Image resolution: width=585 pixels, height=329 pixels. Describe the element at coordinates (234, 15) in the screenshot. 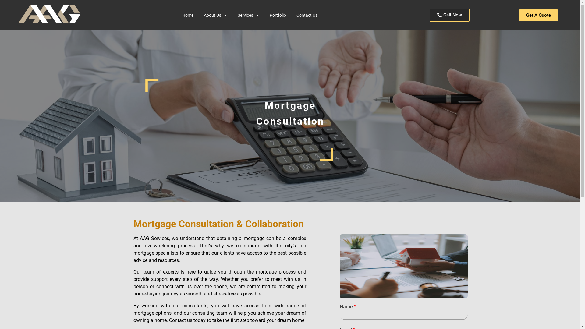

I see `'Services'` at that location.